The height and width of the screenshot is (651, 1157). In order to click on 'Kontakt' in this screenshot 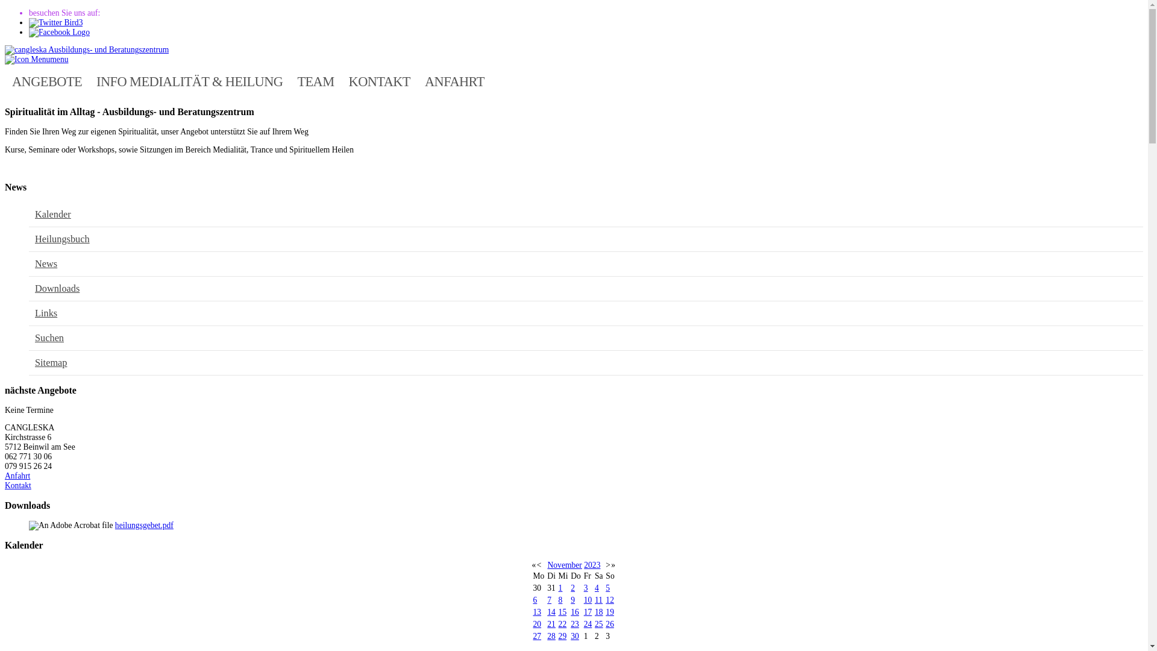, I will do `click(17, 485)`.